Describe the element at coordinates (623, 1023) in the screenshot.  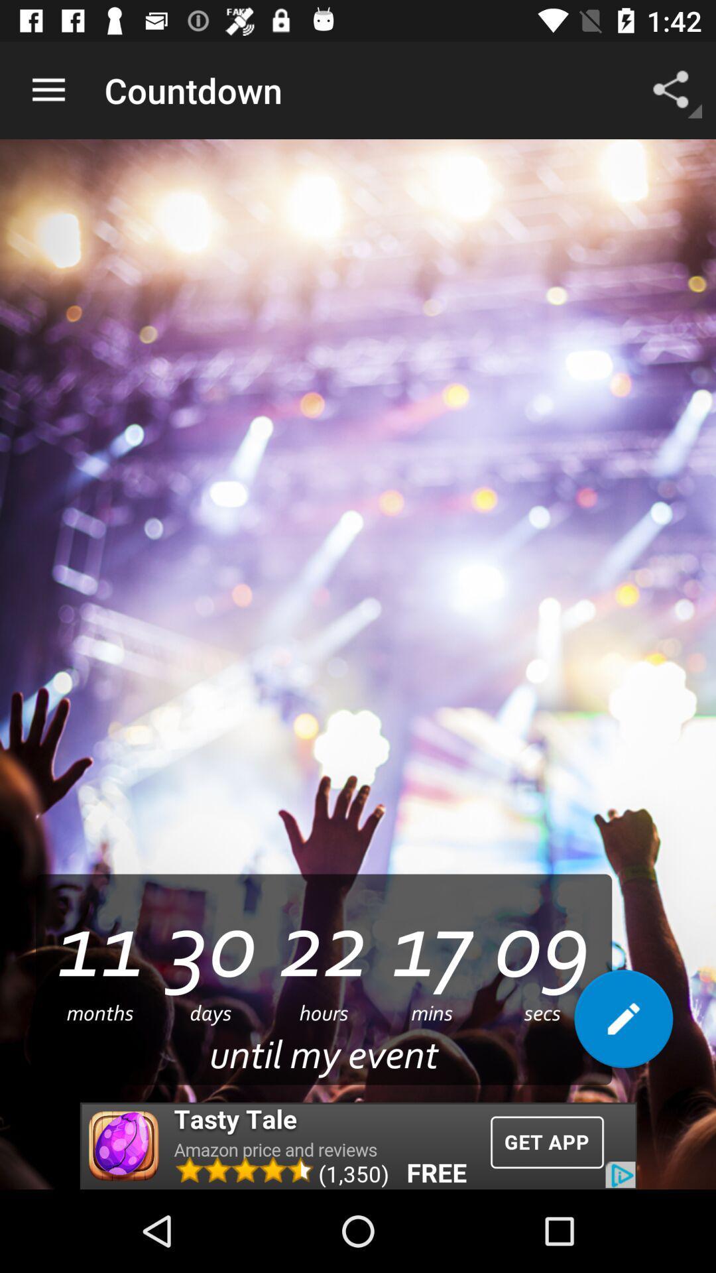
I see `the edit icon` at that location.